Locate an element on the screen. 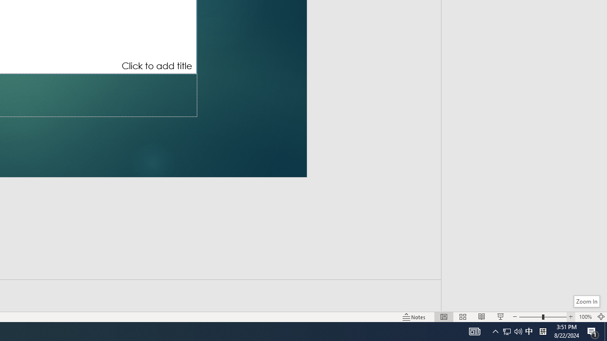 This screenshot has width=607, height=341. 'Normal' is located at coordinates (443, 317).